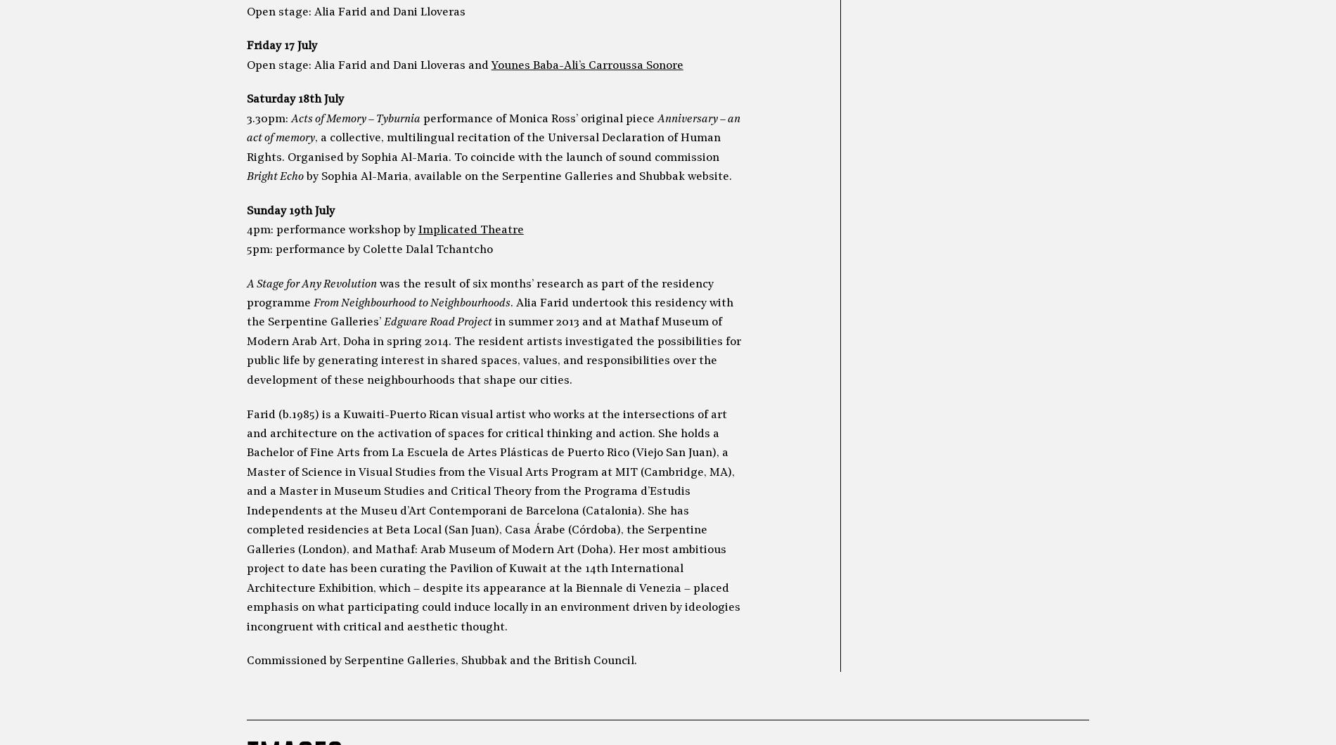 This screenshot has height=745, width=1336. What do you see at coordinates (289, 210) in the screenshot?
I see `'Sunday 19th July'` at bounding box center [289, 210].